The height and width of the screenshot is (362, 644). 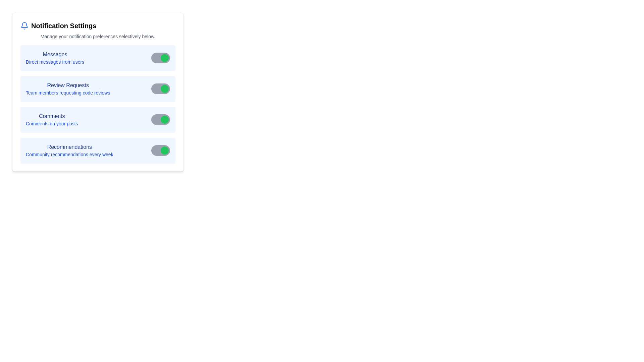 What do you see at coordinates (98, 150) in the screenshot?
I see `the toggle switch in the 'Recommendations' notification setting row to change its state` at bounding box center [98, 150].